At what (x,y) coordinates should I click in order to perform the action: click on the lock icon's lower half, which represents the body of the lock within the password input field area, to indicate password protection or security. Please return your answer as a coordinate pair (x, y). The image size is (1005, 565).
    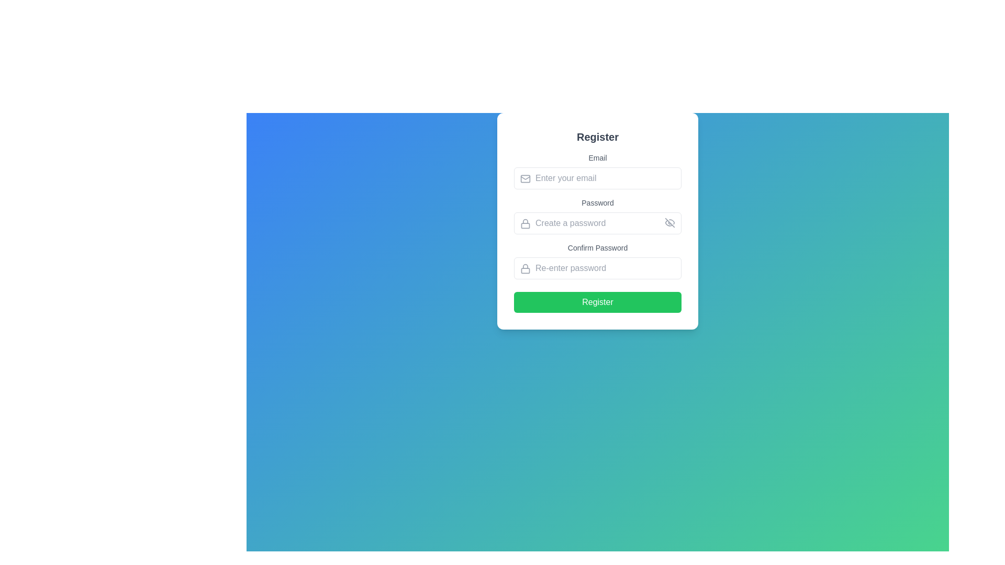
    Looking at the image, I should click on (525, 225).